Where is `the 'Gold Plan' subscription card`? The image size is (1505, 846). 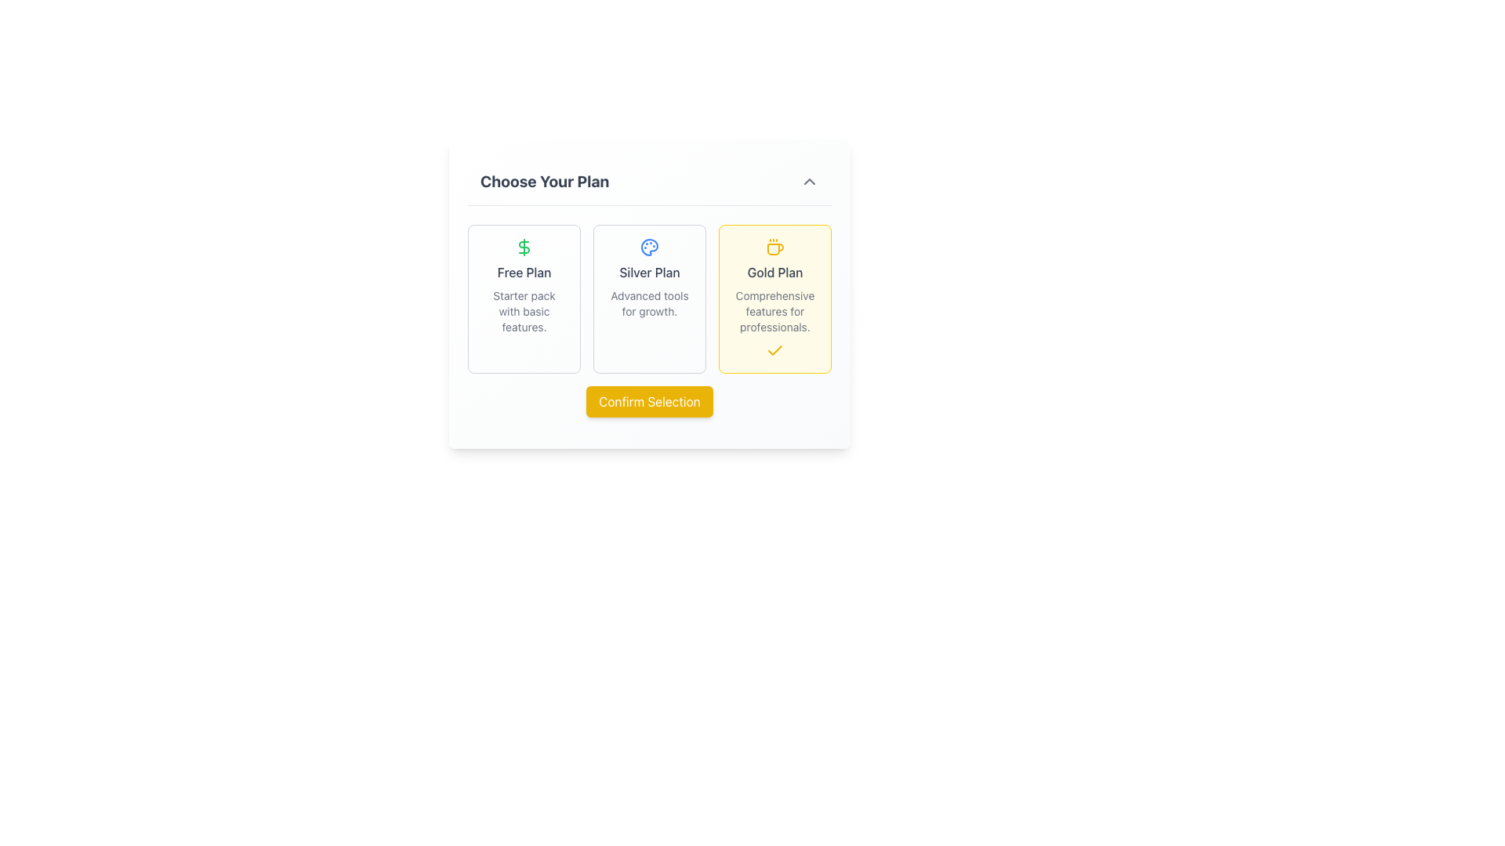
the 'Gold Plan' subscription card is located at coordinates (774, 298).